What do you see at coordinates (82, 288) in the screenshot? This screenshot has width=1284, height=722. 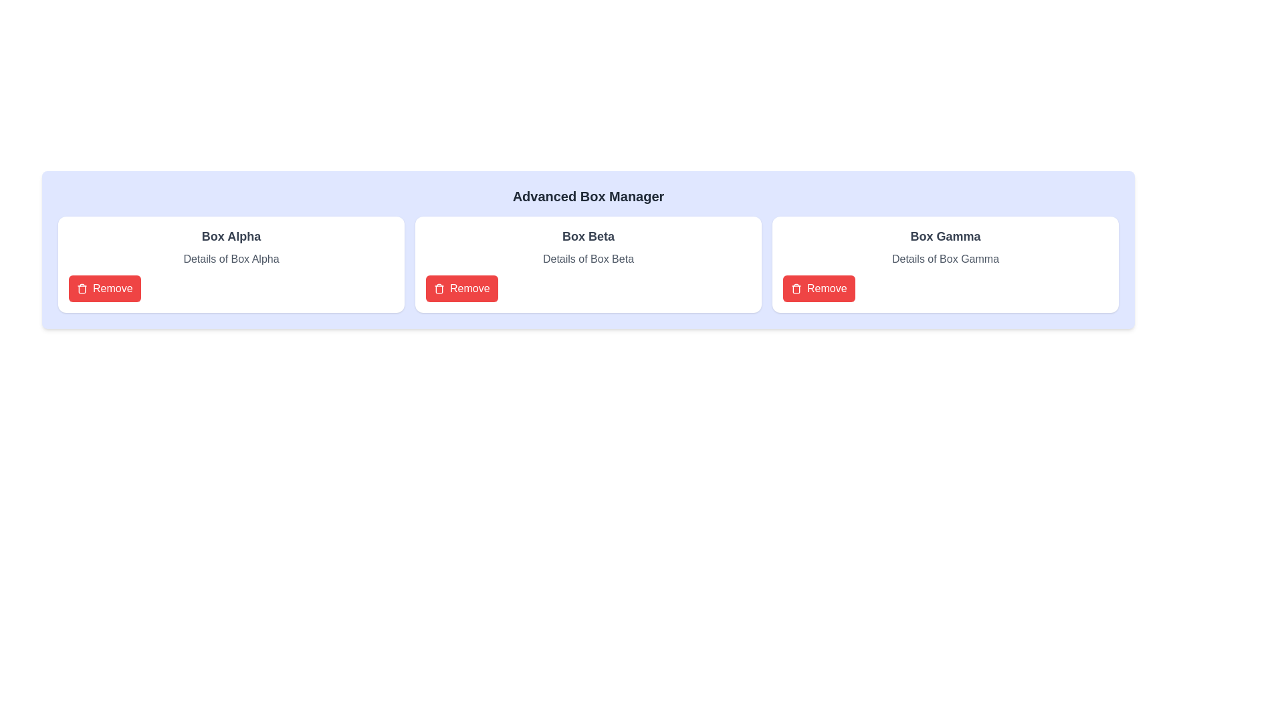 I see `the trash icon located in the bottom-left corner of the 'Remove' button within the 'Box Alpha' frame` at bounding box center [82, 288].